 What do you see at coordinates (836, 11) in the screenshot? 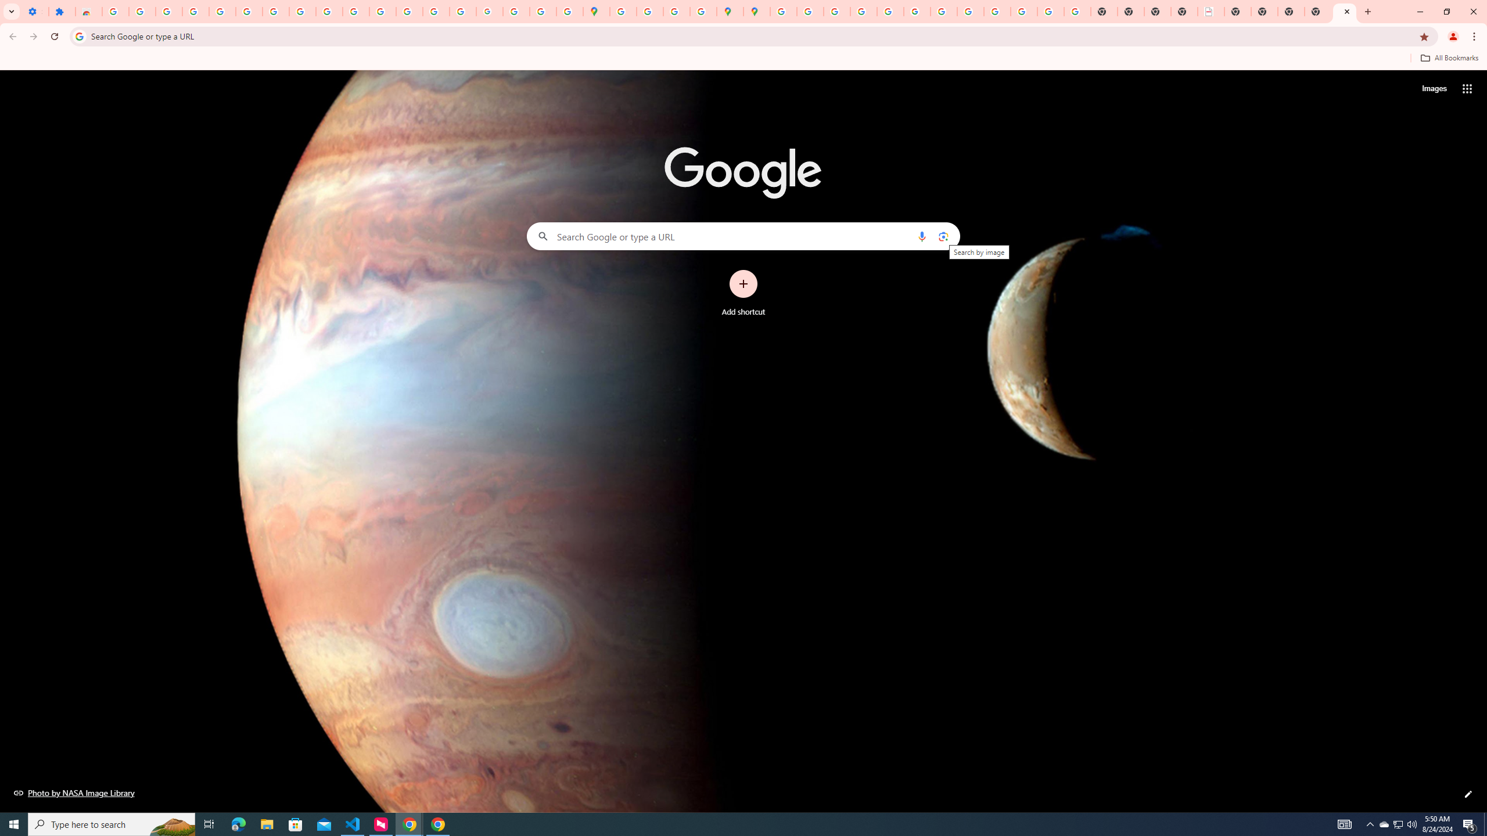
I see `'Privacy Help Center - Policies Help'` at bounding box center [836, 11].